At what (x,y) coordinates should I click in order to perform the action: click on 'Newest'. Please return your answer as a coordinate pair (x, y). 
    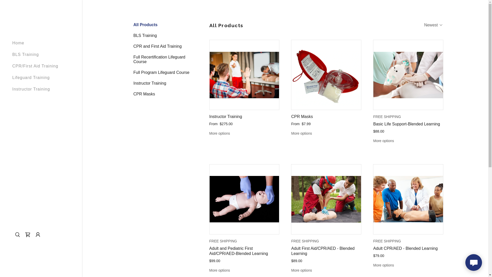
    Looking at the image, I should click on (433, 25).